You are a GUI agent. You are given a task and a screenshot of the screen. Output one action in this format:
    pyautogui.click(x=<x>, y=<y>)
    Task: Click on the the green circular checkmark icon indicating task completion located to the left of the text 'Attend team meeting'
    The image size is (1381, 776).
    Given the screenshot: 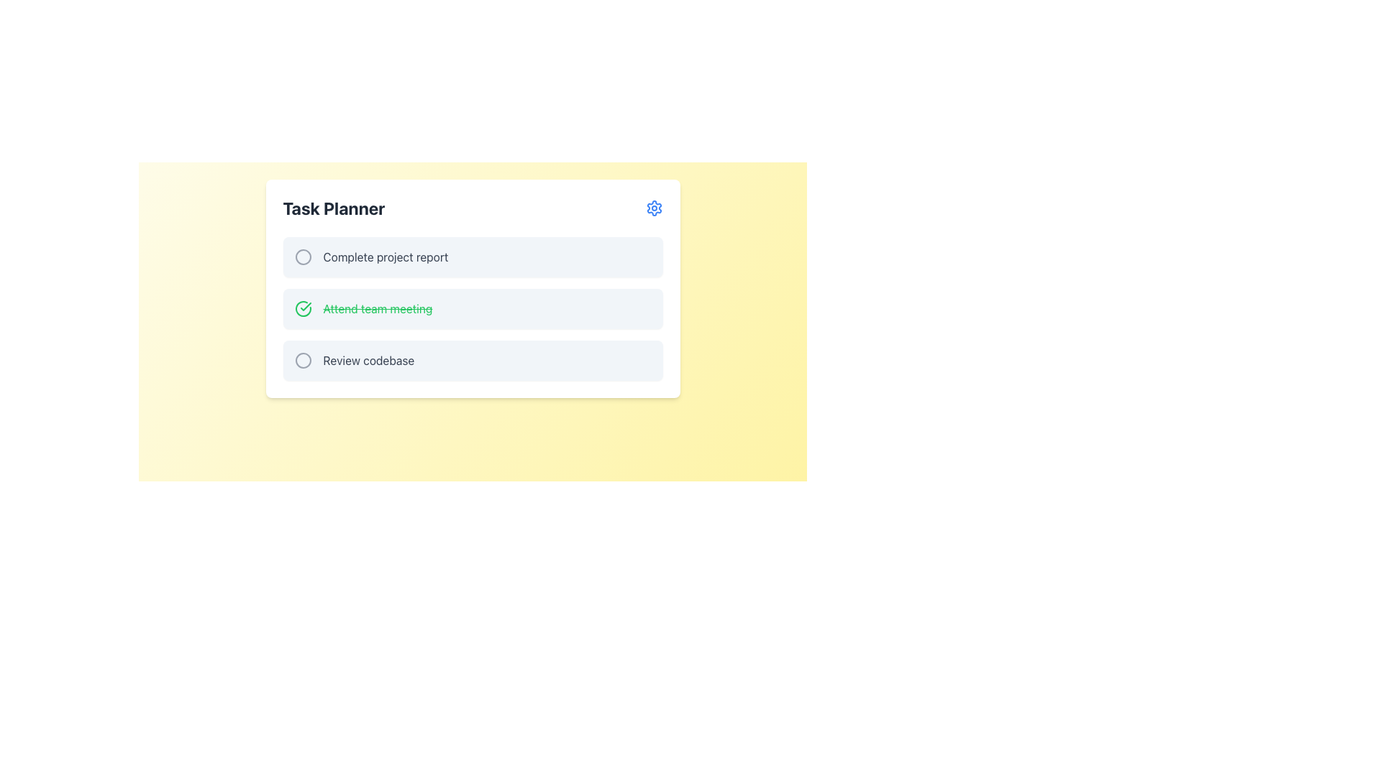 What is the action you would take?
    pyautogui.click(x=302, y=308)
    